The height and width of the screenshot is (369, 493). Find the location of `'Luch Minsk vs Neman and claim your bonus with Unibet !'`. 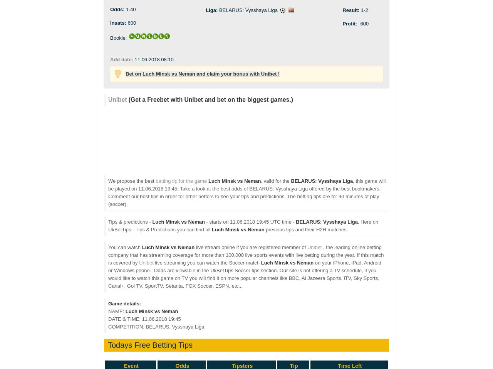

'Luch Minsk vs Neman and claim your bonus with Unibet !' is located at coordinates (143, 74).